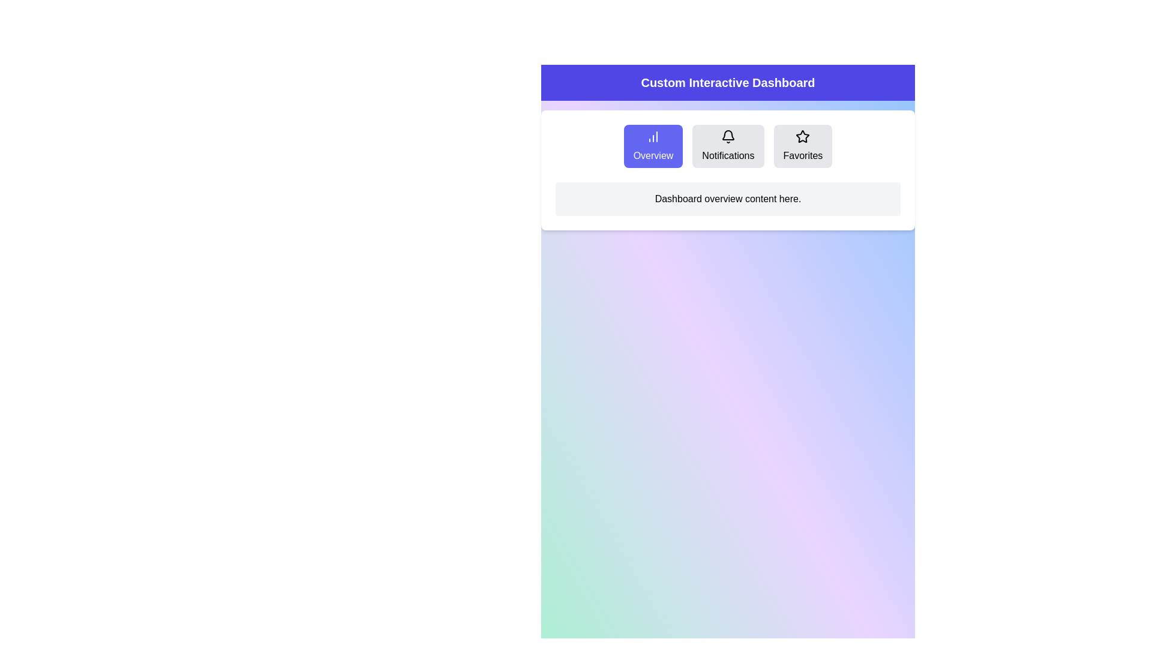 The width and height of the screenshot is (1152, 648). I want to click on the Notifications tab by clicking its button, so click(727, 145).